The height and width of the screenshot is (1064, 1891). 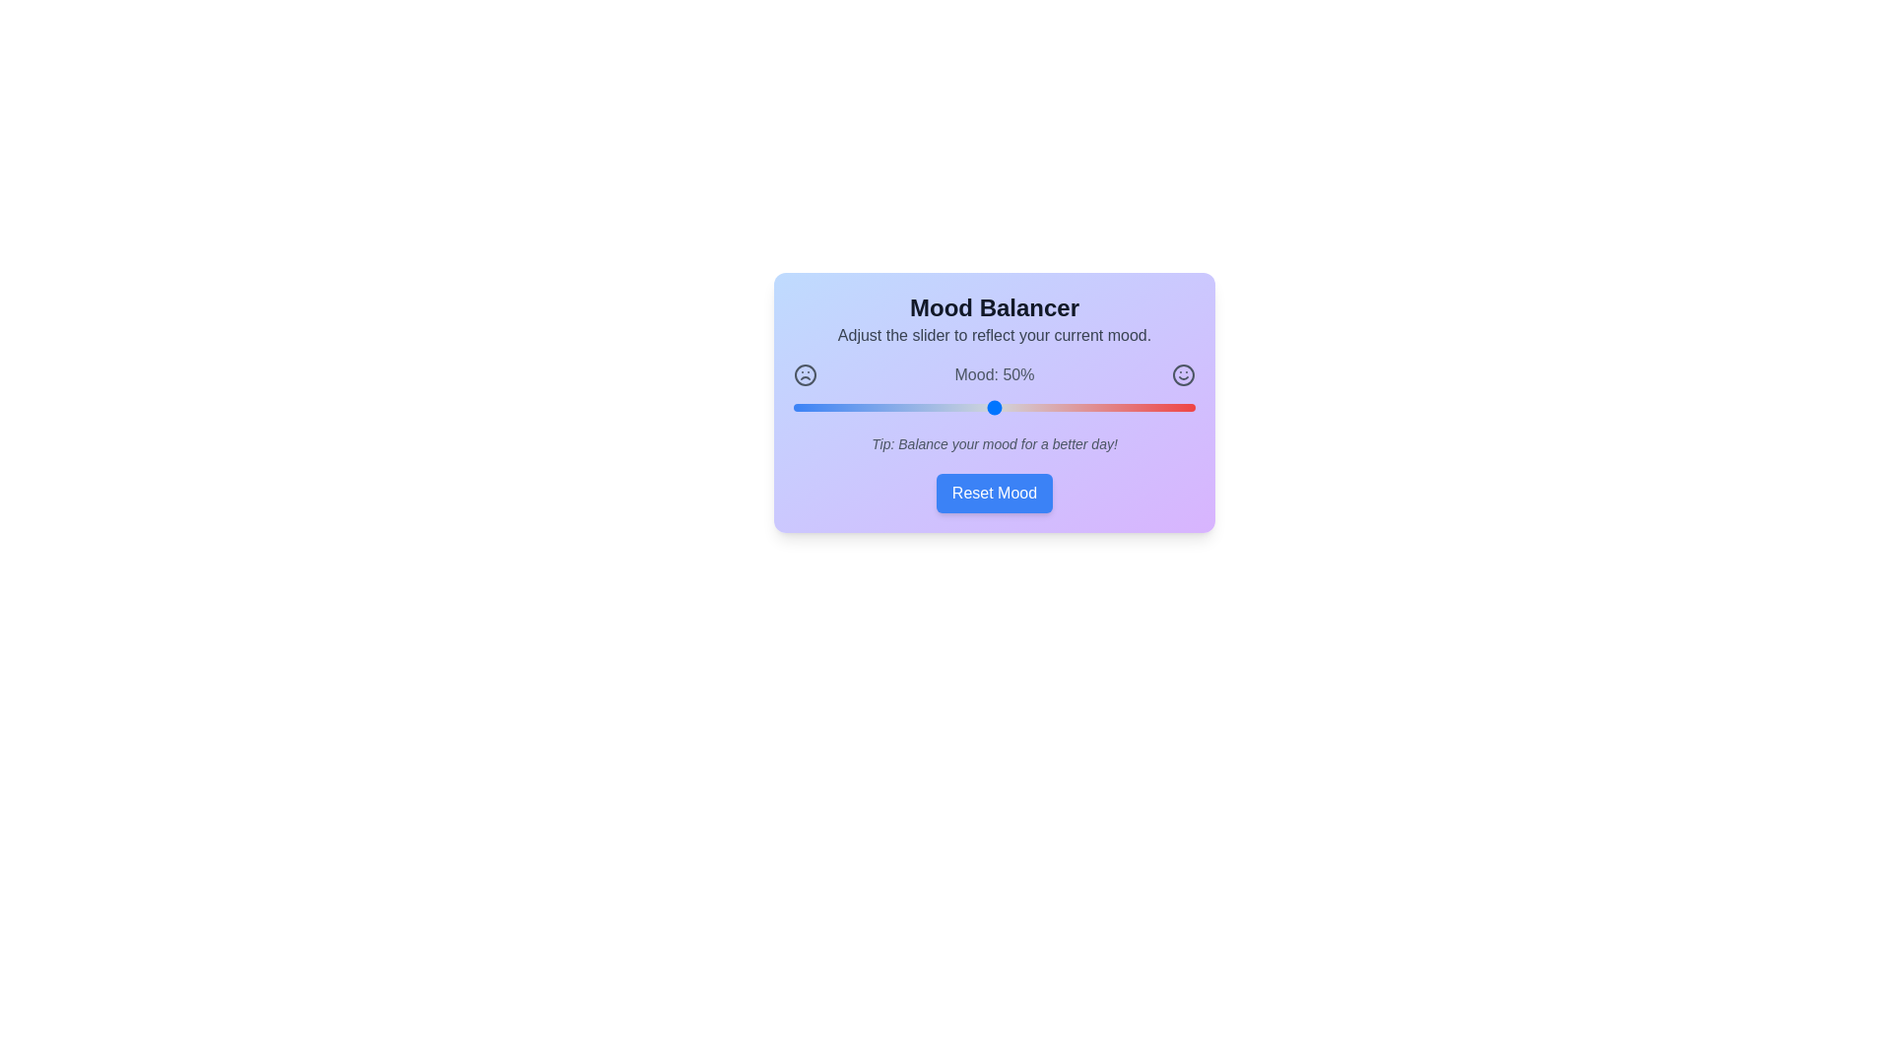 I want to click on the mood slider to 99%, so click(x=1190, y=406).